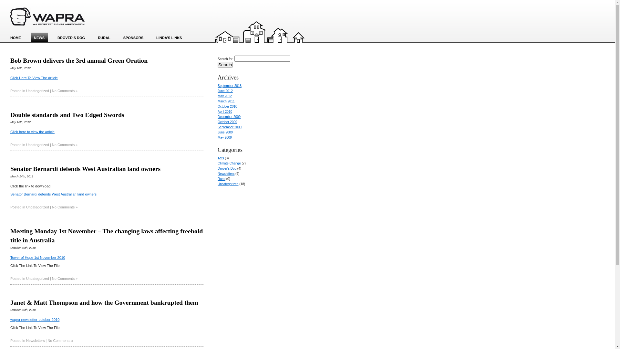  I want to click on 'October 2010', so click(227, 106).